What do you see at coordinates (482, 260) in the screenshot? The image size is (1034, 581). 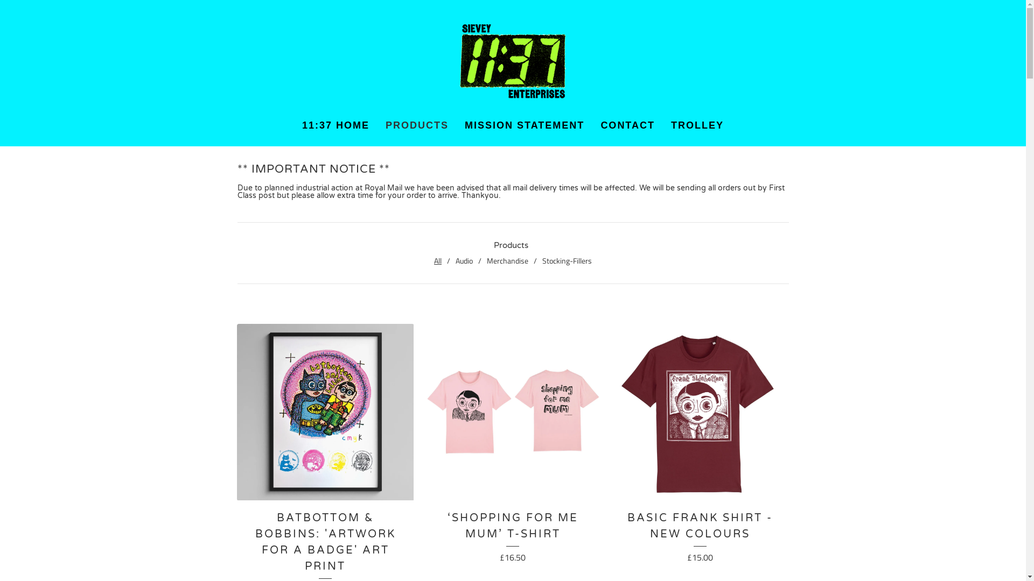 I see `'Merchandise'` at bounding box center [482, 260].